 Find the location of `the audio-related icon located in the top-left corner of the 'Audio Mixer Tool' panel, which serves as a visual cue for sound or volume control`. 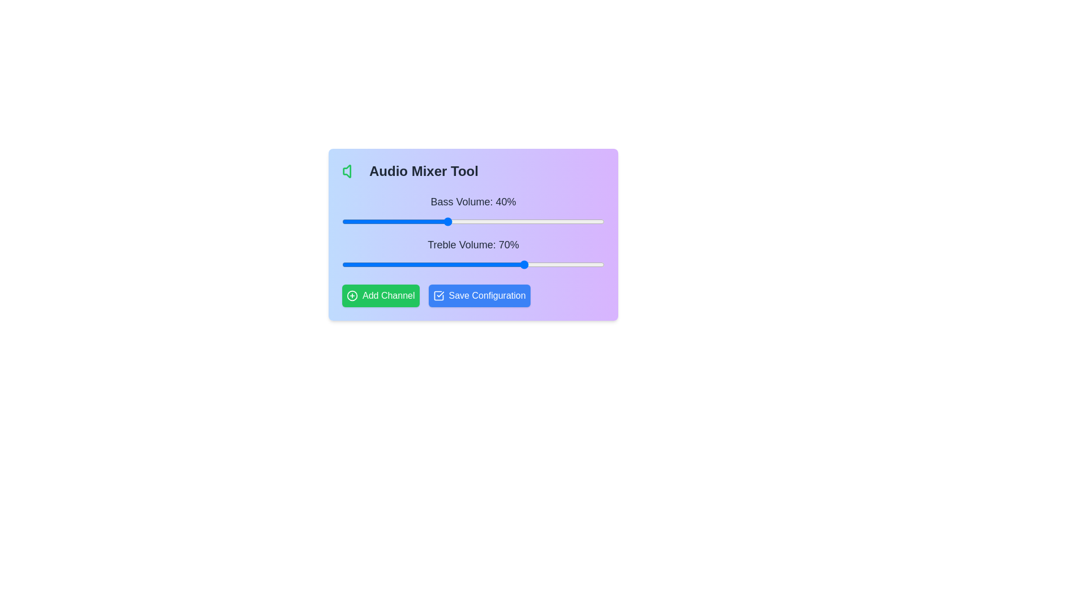

the audio-related icon located in the top-left corner of the 'Audio Mixer Tool' panel, which serves as a visual cue for sound or volume control is located at coordinates (346, 171).